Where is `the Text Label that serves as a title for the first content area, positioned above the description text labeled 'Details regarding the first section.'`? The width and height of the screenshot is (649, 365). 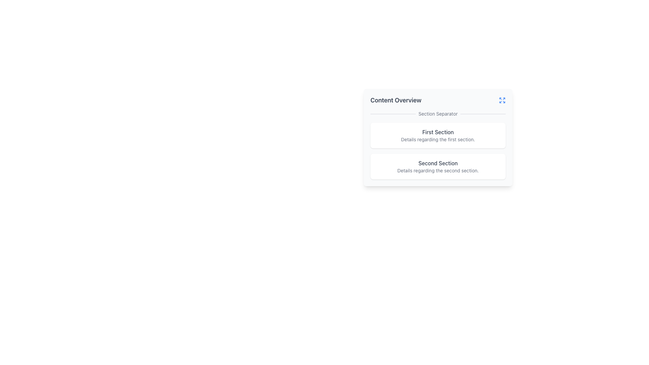
the Text Label that serves as a title for the first content area, positioned above the description text labeled 'Details regarding the first section.' is located at coordinates (438, 132).